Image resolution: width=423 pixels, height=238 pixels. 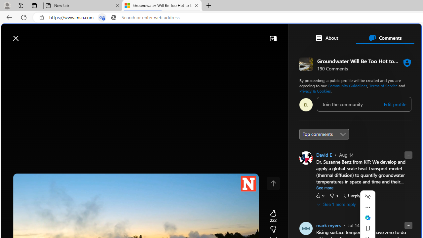 I want to click on 'Tabs in split screen', so click(x=102, y=17).